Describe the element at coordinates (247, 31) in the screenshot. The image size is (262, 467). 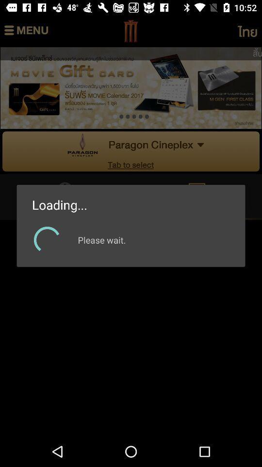
I see `the sliders icon` at that location.